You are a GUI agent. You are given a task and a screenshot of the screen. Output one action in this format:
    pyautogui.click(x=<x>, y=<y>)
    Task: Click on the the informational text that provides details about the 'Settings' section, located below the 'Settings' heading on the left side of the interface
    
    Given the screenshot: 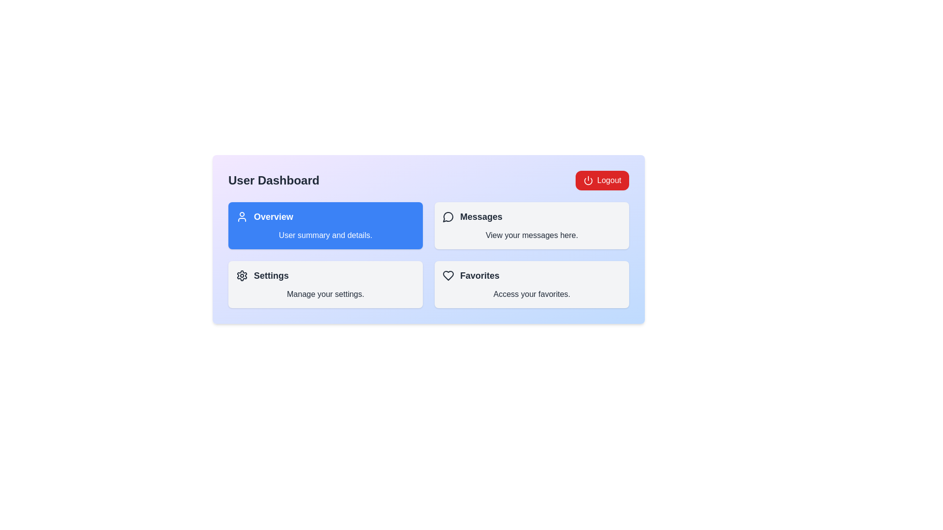 What is the action you would take?
    pyautogui.click(x=325, y=294)
    